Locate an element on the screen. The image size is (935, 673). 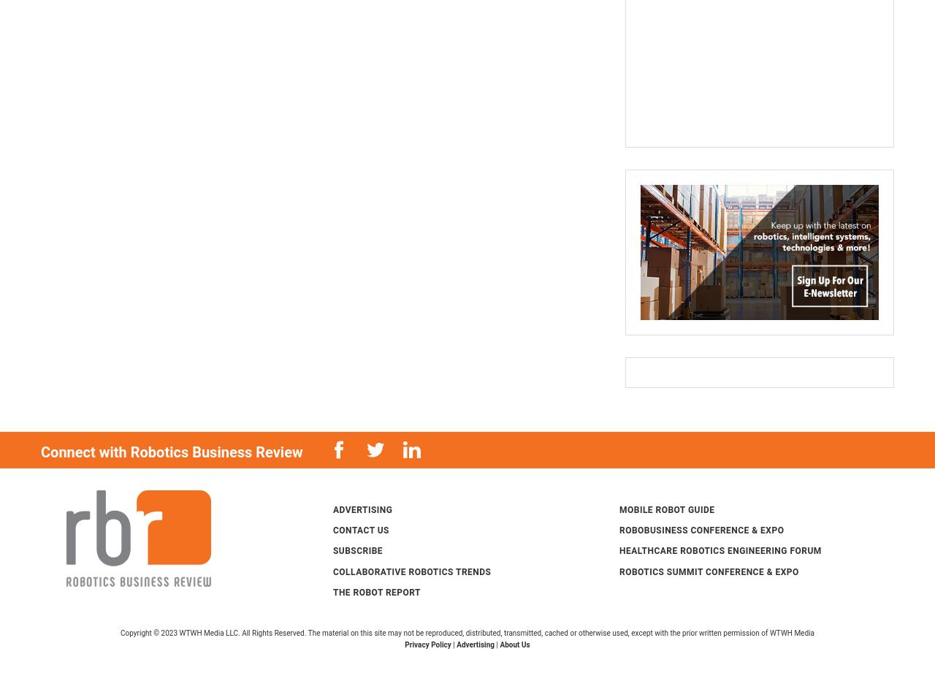
'Mobile Robot Guide' is located at coordinates (619, 509).